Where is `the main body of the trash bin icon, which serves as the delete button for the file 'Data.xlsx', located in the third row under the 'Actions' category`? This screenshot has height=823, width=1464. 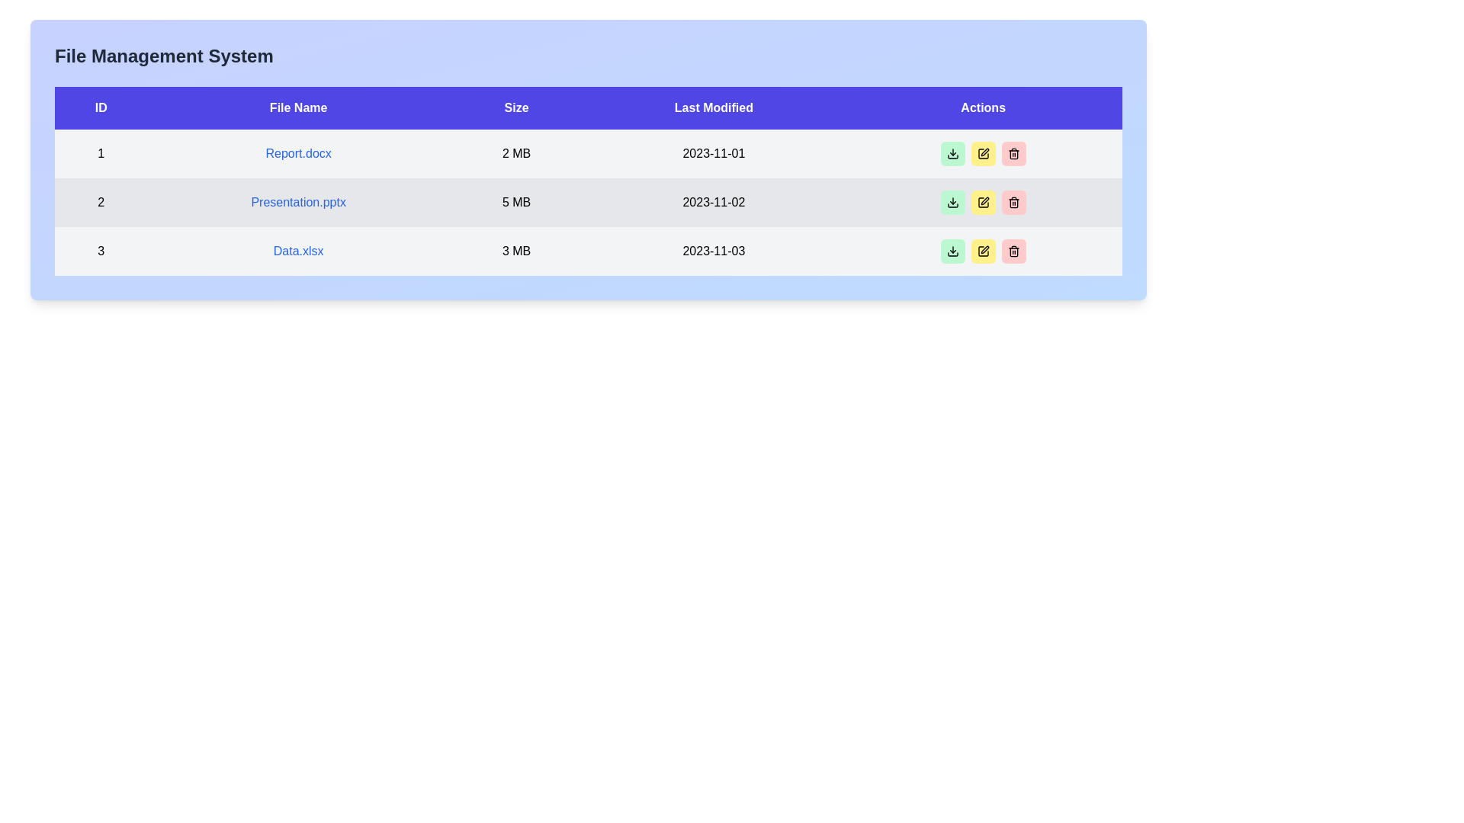 the main body of the trash bin icon, which serves as the delete button for the file 'Data.xlsx', located in the third row under the 'Actions' category is located at coordinates (1013, 203).